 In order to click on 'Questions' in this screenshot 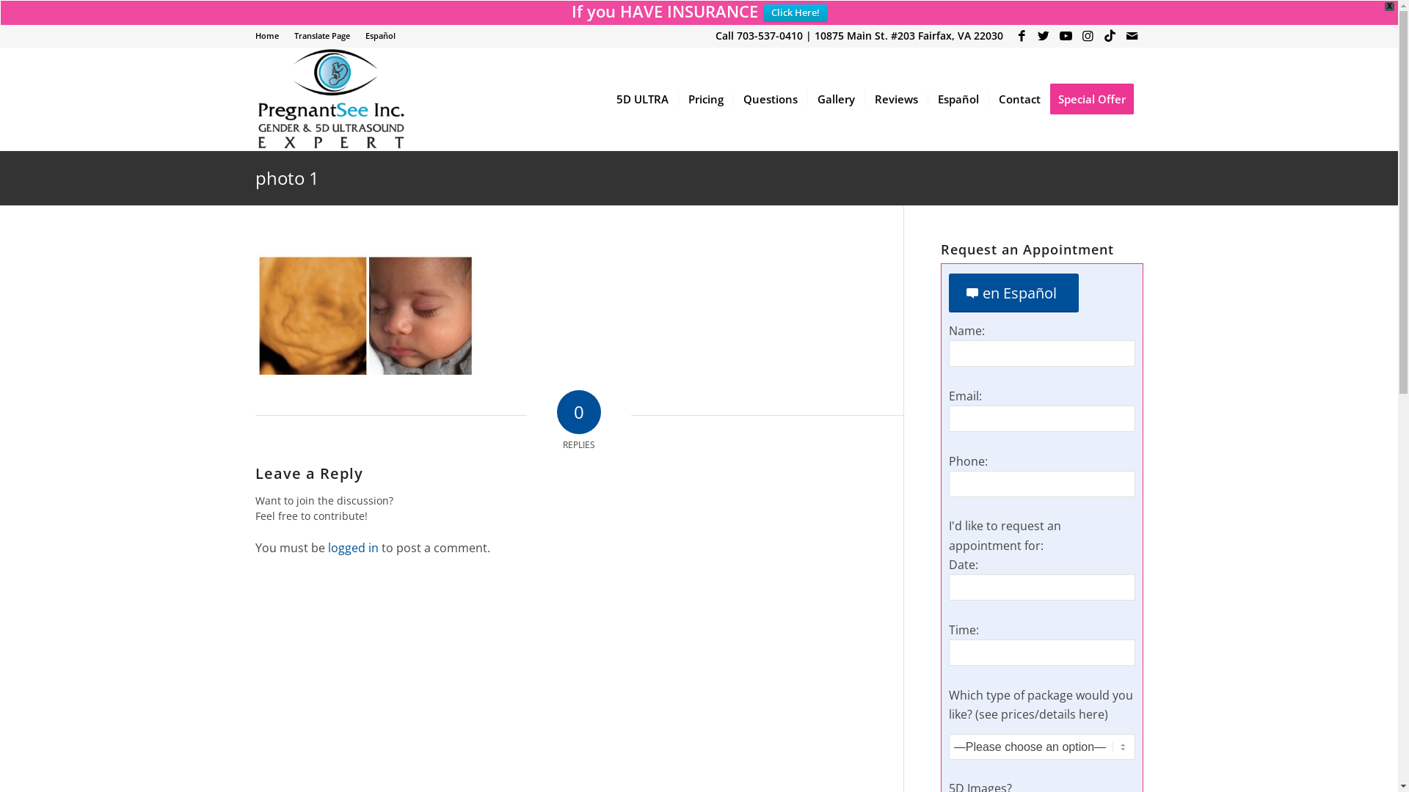, I will do `click(768, 99)`.